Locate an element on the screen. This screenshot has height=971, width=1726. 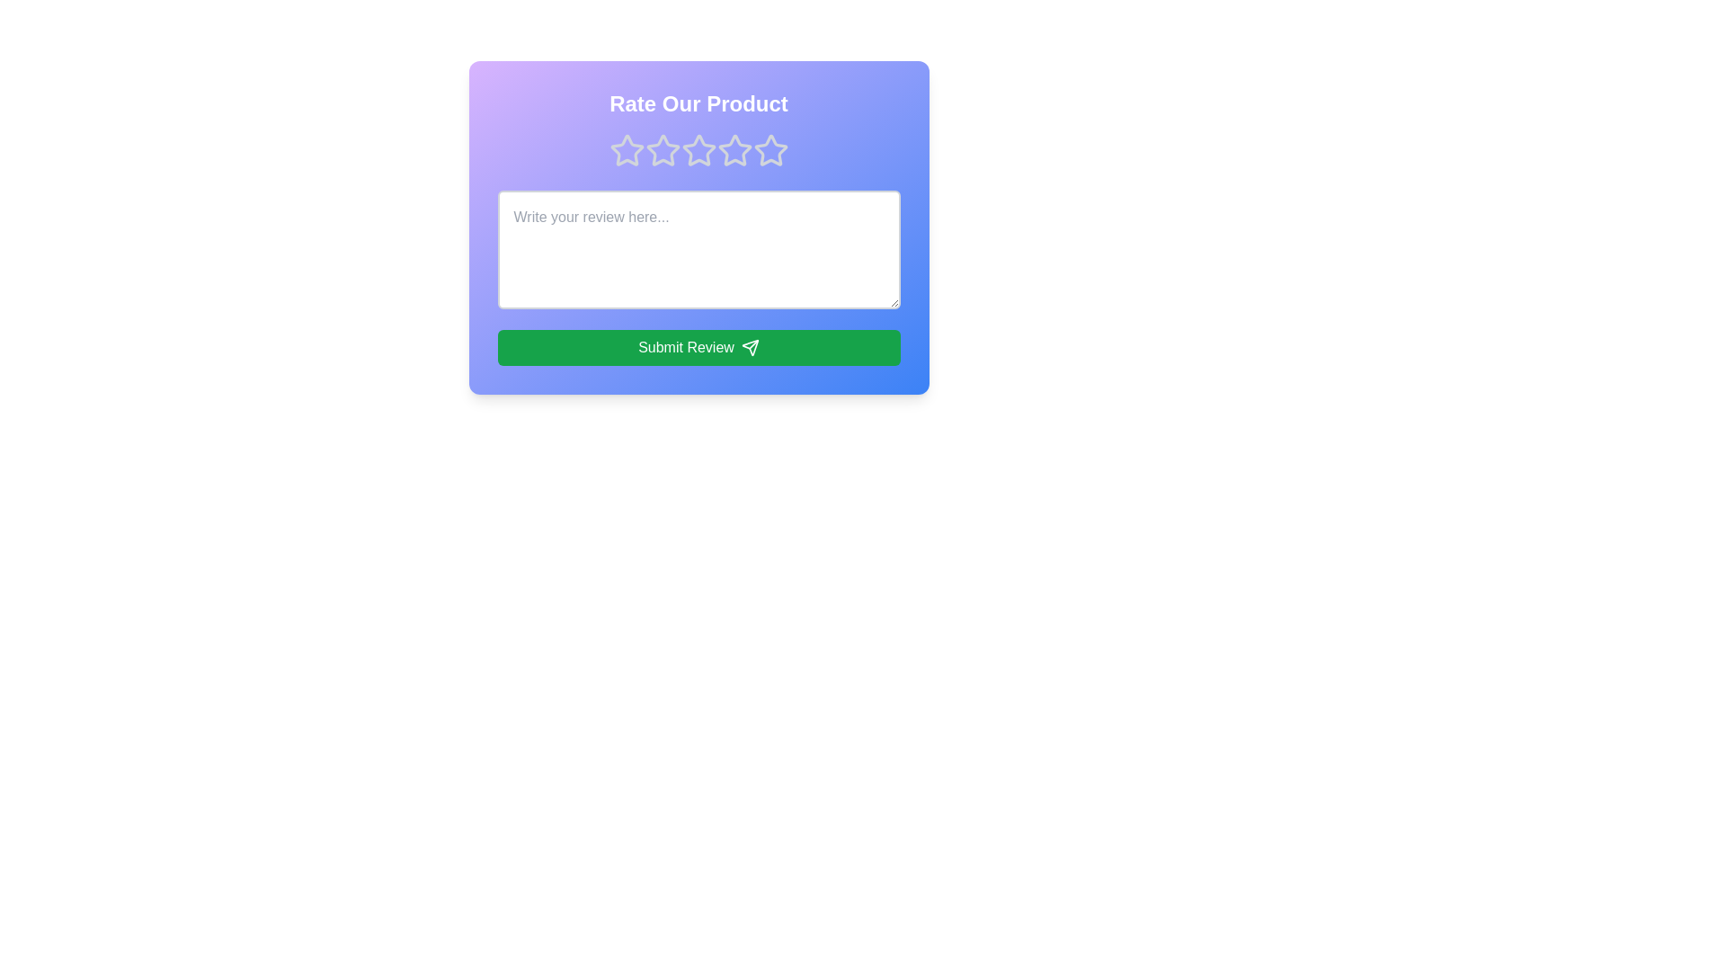
the review submission button located at the bottom of the interface section is located at coordinates (698, 347).